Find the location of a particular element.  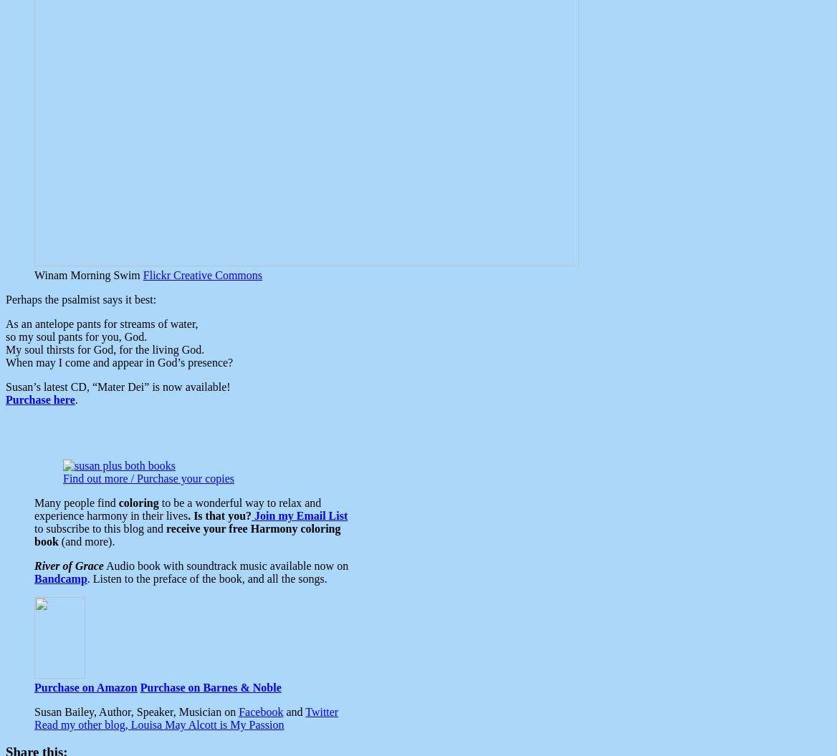

'River of Grace' is located at coordinates (68, 564).